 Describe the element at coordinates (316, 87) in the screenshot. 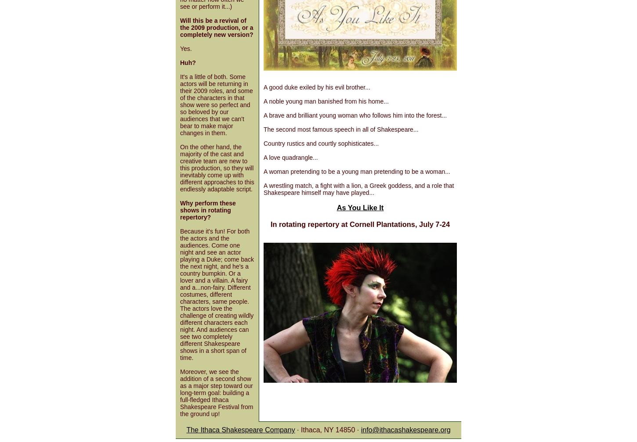

I see `'A good duke exiled by his evil brother...'` at that location.